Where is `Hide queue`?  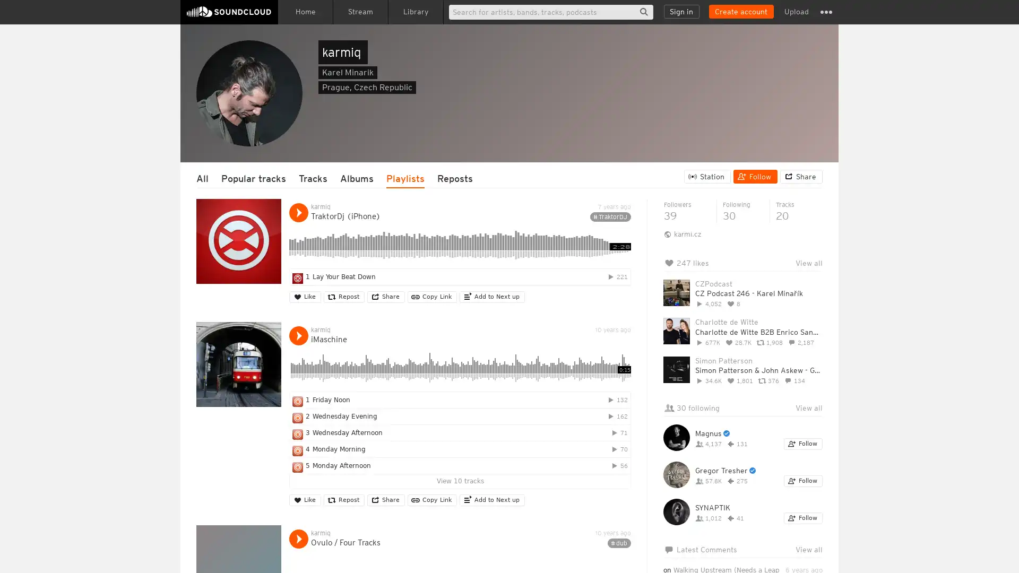
Hide queue is located at coordinates (815, 290).